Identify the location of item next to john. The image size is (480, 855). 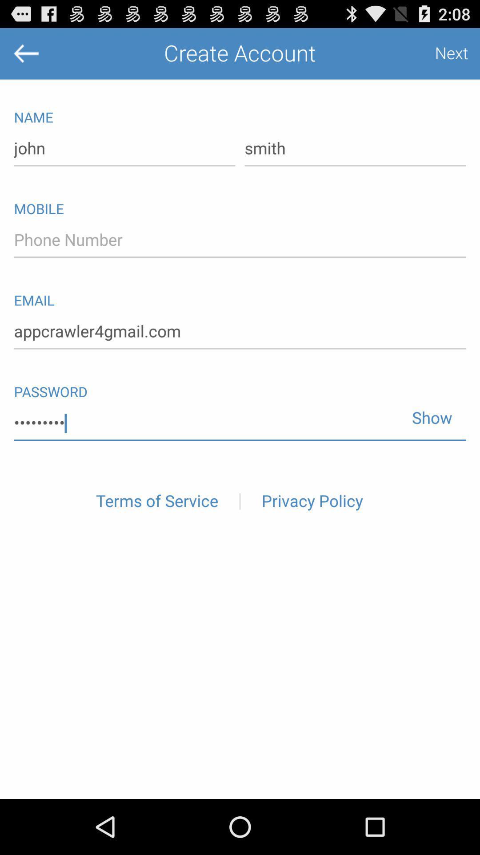
(355, 149).